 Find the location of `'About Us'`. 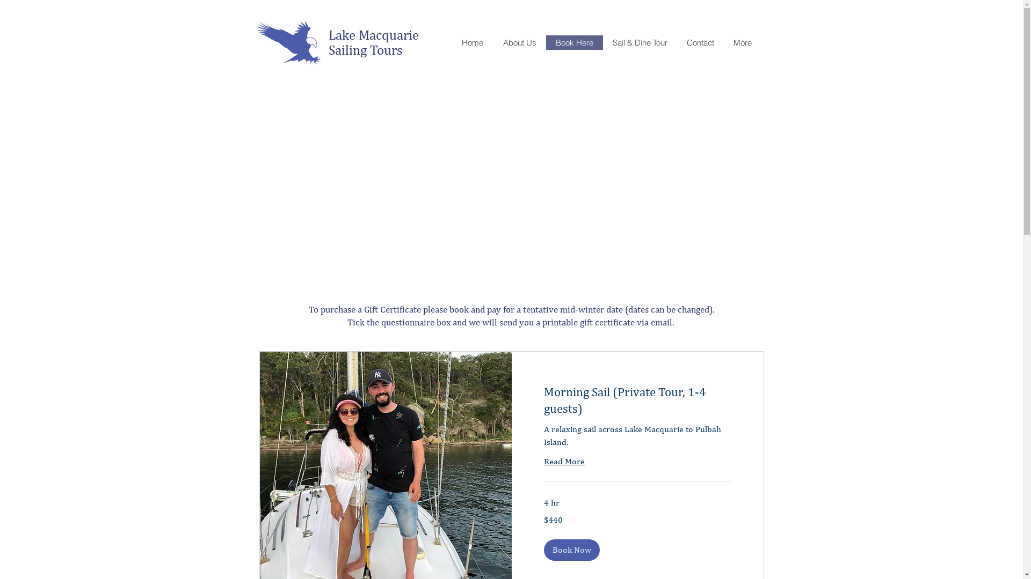

'About Us' is located at coordinates (519, 42).